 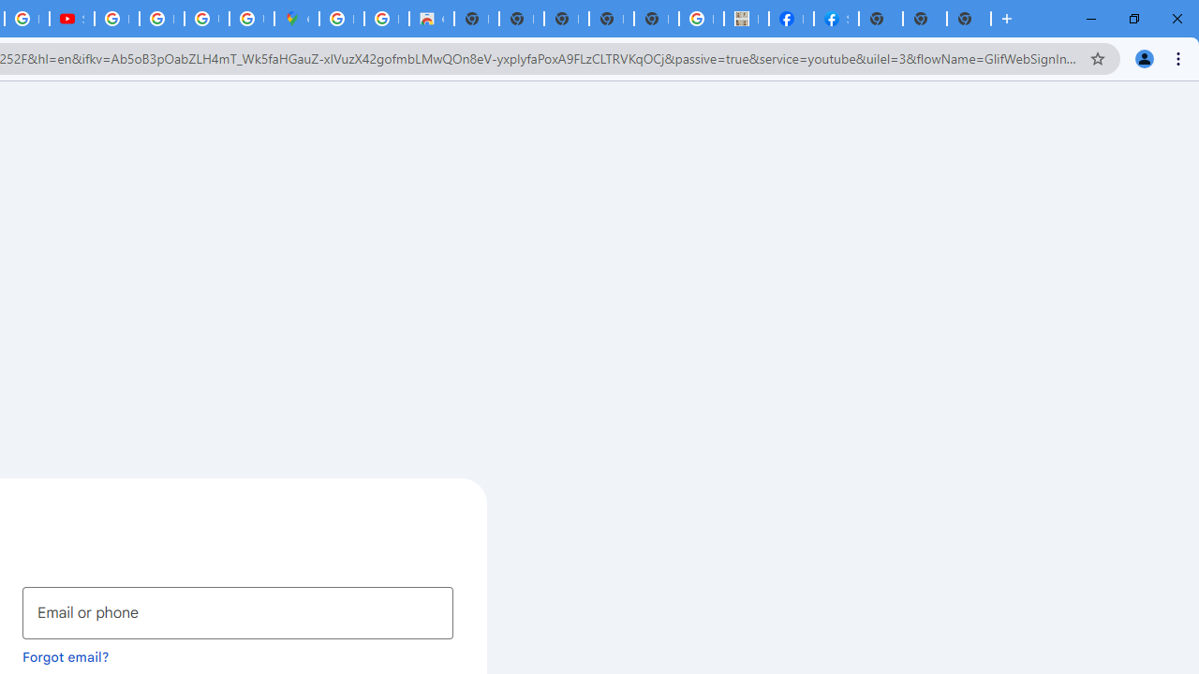 What do you see at coordinates (66, 655) in the screenshot?
I see `'Forgot email?'` at bounding box center [66, 655].